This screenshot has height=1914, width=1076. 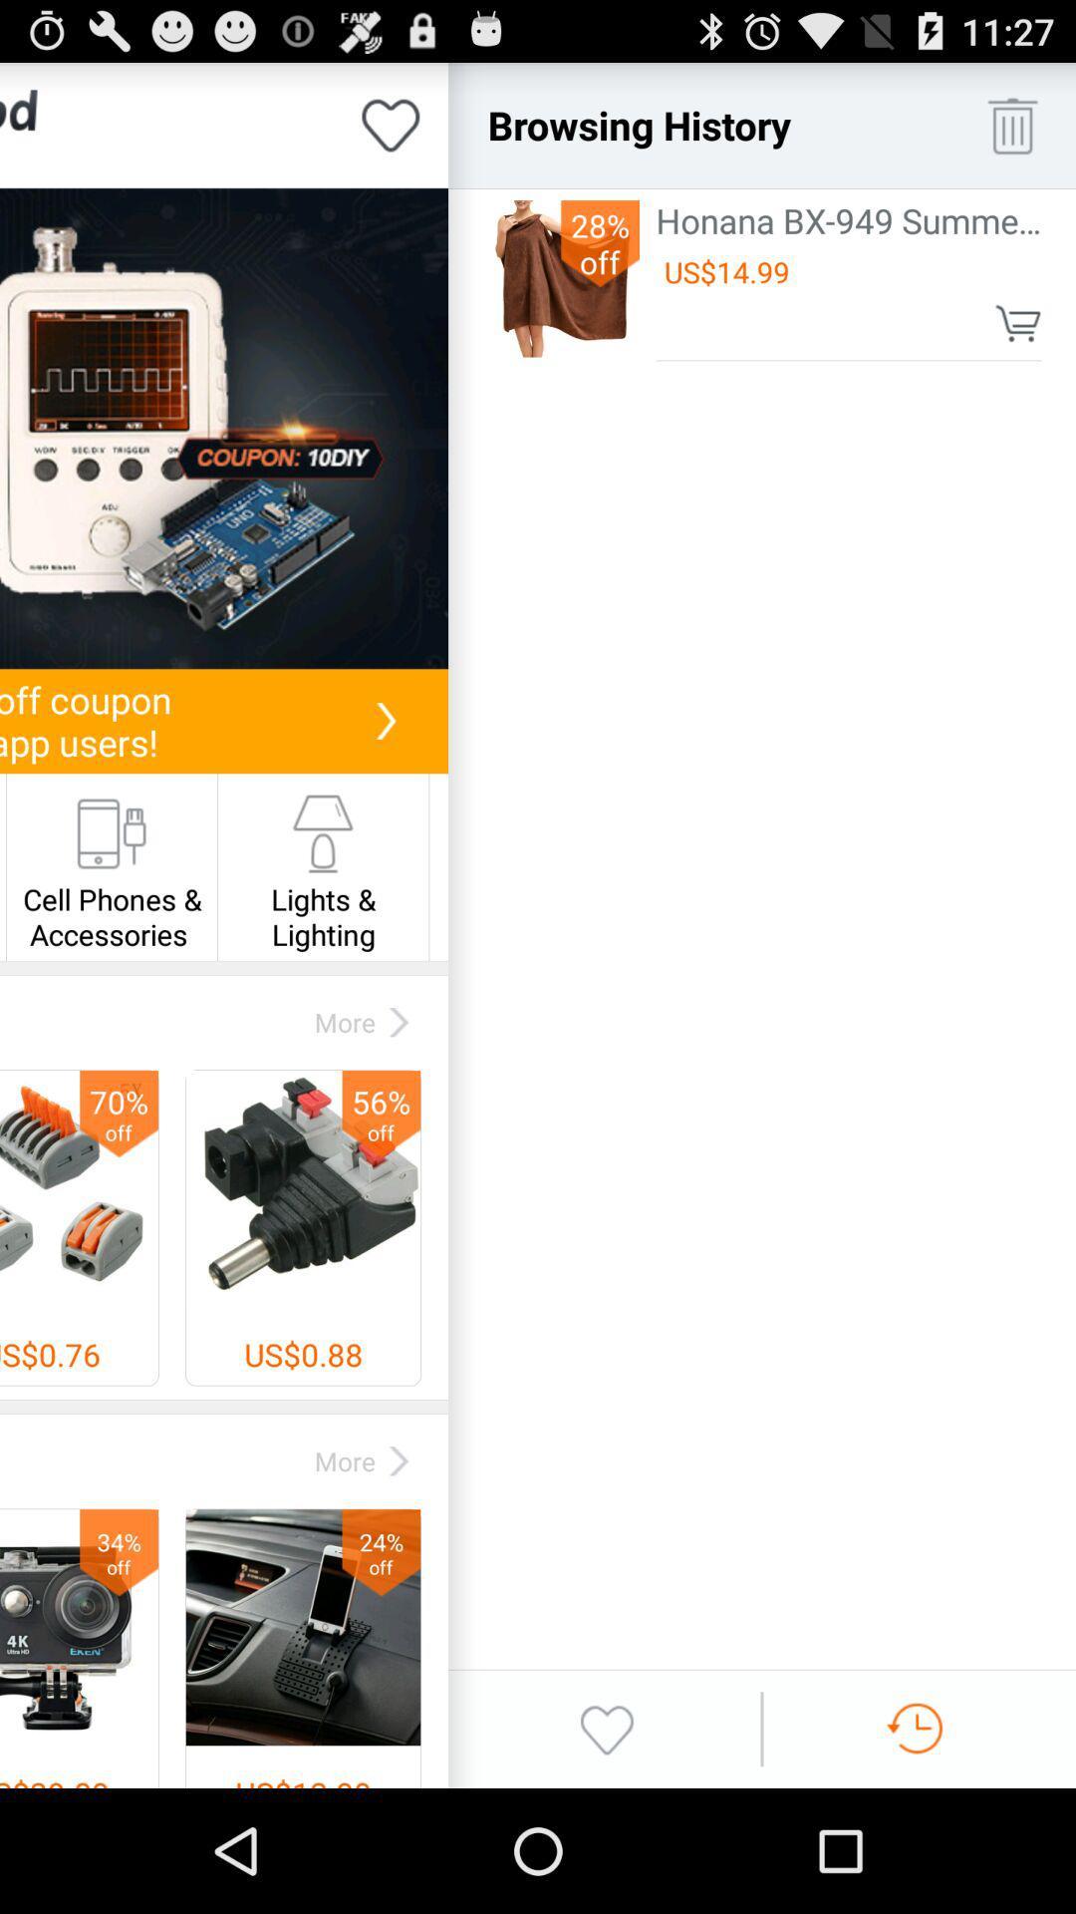 I want to click on delete option which is right corner of the top, so click(x=1012, y=124).